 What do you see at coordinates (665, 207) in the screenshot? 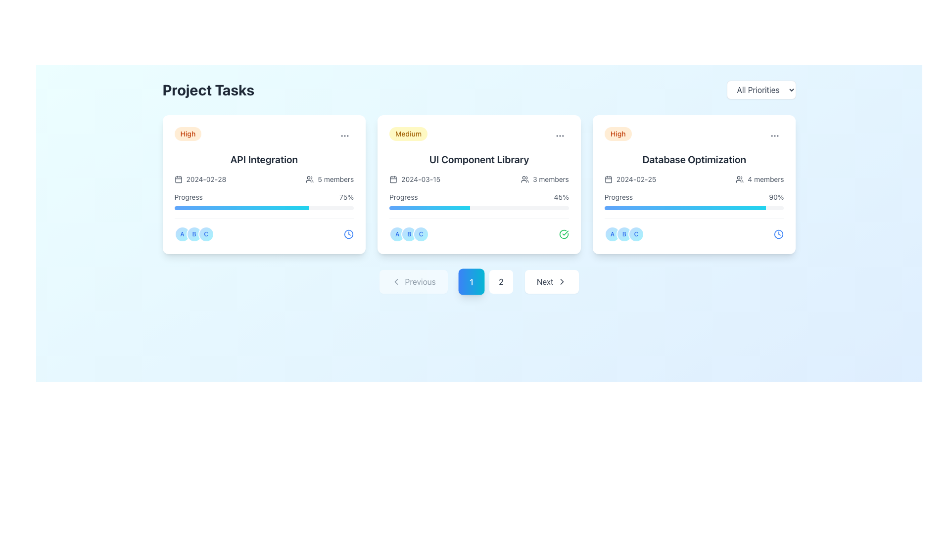
I see `progress` at bounding box center [665, 207].